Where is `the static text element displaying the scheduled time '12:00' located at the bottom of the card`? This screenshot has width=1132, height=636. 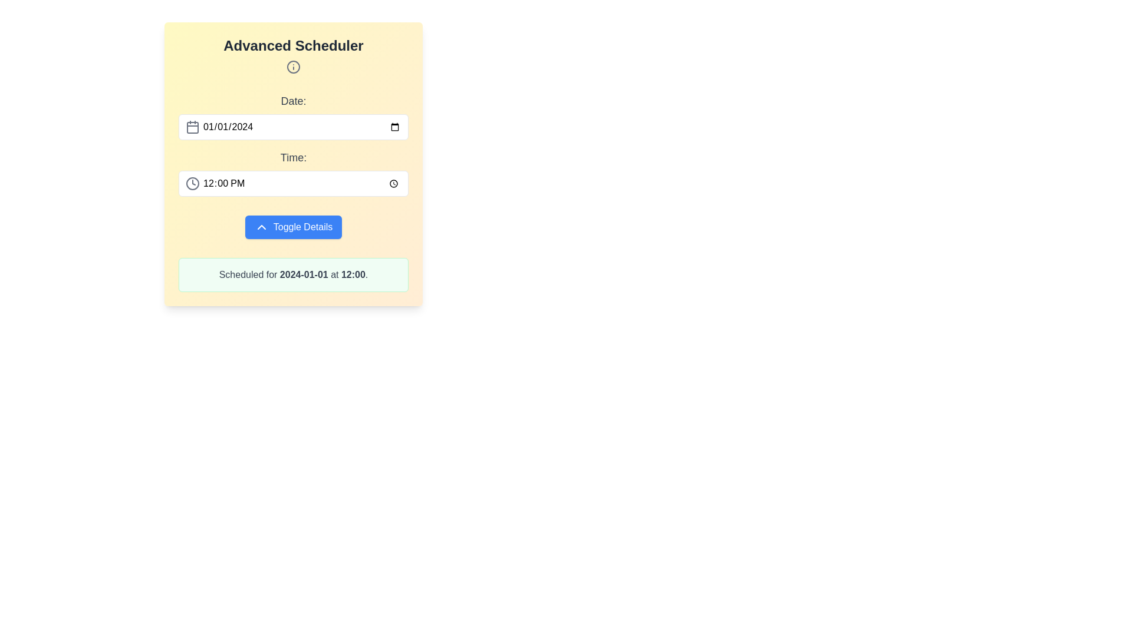 the static text element displaying the scheduled time '12:00' located at the bottom of the card is located at coordinates (353, 274).